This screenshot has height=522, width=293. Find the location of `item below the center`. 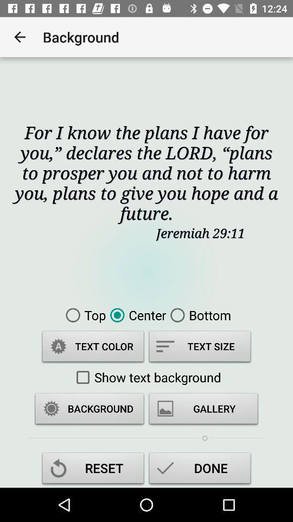

item below the center is located at coordinates (199, 347).